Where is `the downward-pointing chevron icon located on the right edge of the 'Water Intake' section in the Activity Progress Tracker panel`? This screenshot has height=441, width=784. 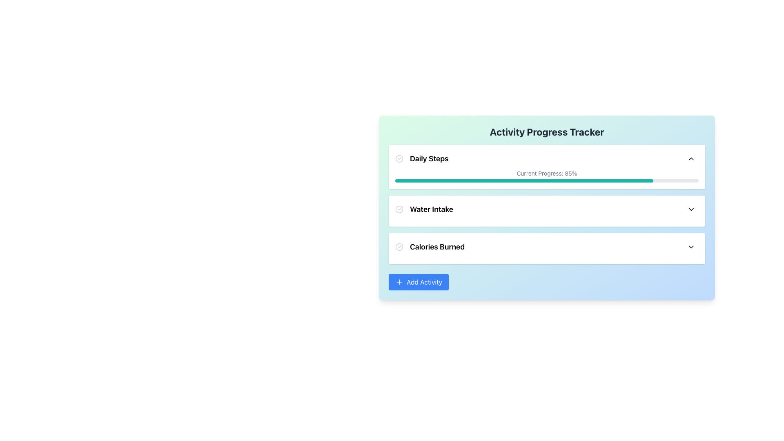 the downward-pointing chevron icon located on the right edge of the 'Water Intake' section in the Activity Progress Tracker panel is located at coordinates (691, 209).